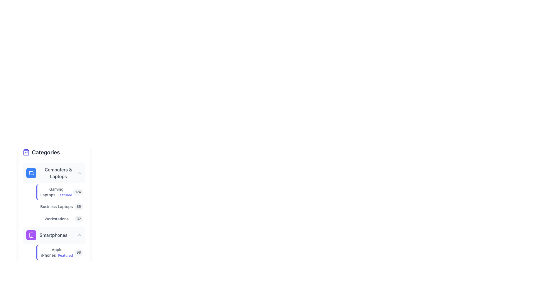 This screenshot has height=302, width=536. I want to click on the 'Workstations' navigation item in the 'Computers & Laptops' section, so click(61, 219).